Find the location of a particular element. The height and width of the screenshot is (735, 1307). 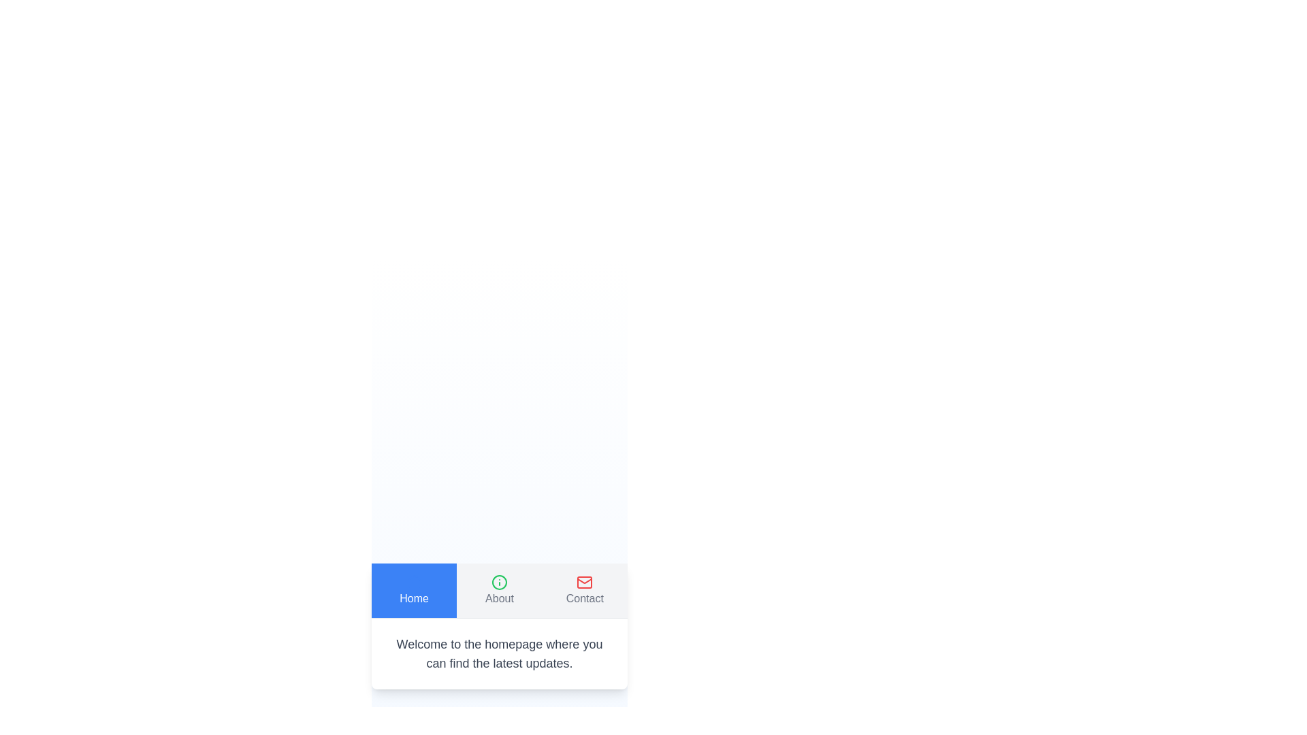

the About tab to observe visual feedback is located at coordinates (499, 589).